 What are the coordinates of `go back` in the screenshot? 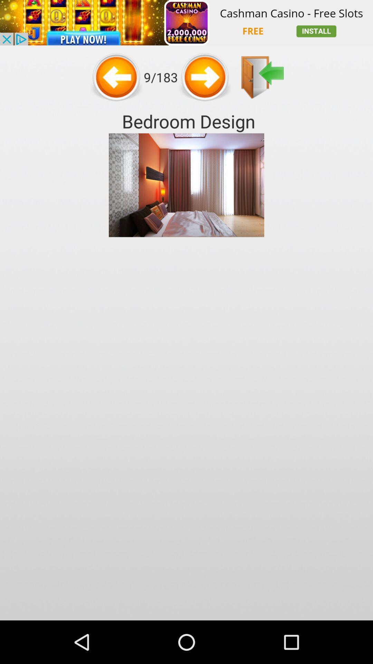 It's located at (262, 77).